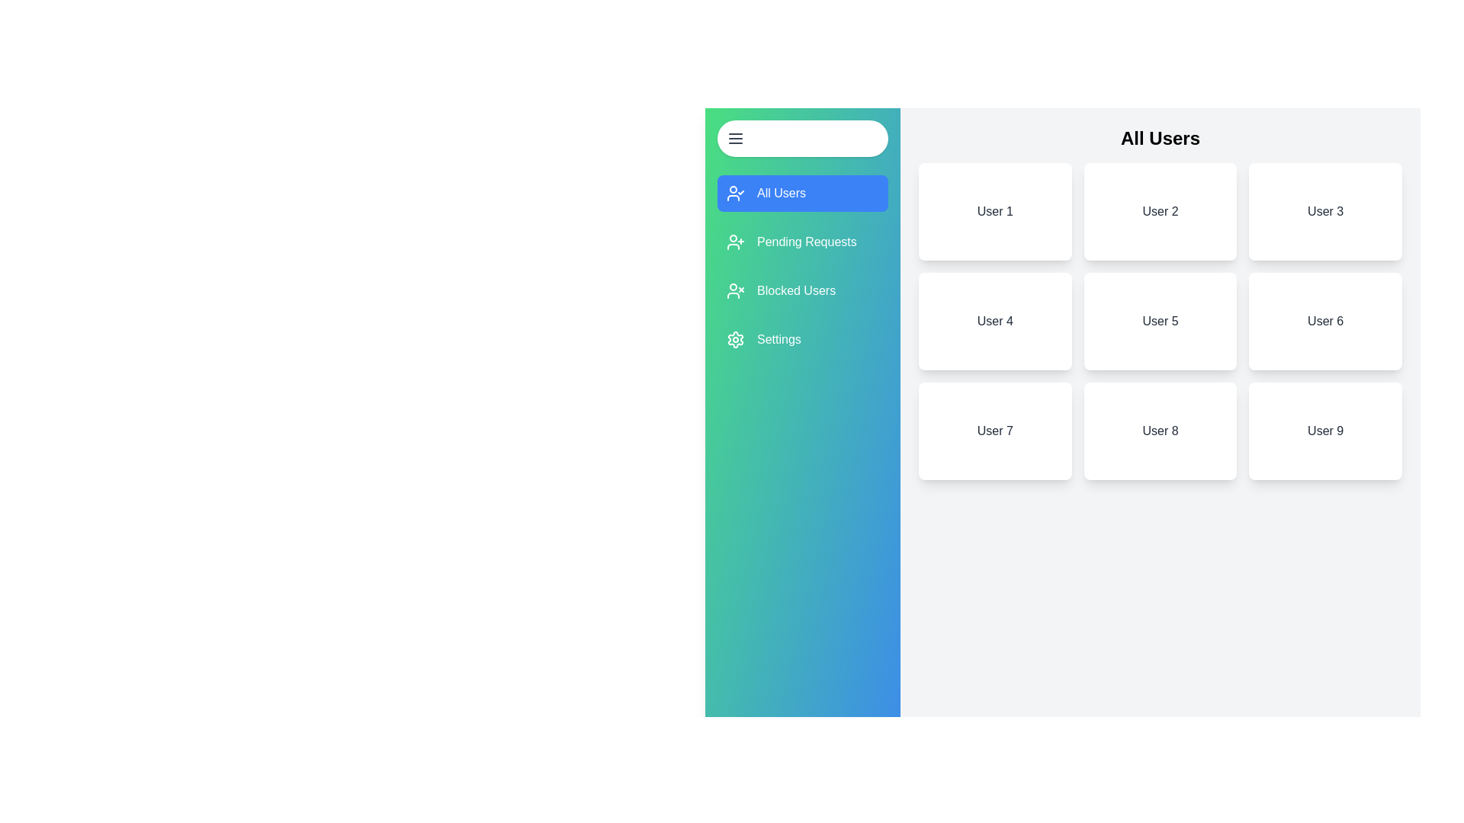  What do you see at coordinates (801, 241) in the screenshot?
I see `the section Pending Requests from the drawer menu` at bounding box center [801, 241].